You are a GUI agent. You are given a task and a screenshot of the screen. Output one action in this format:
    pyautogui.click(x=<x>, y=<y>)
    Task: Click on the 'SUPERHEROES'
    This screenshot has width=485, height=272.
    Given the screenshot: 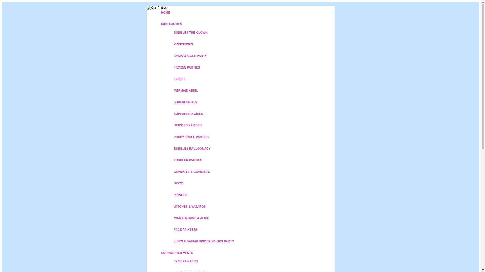 What is the action you would take?
    pyautogui.click(x=172, y=102)
    